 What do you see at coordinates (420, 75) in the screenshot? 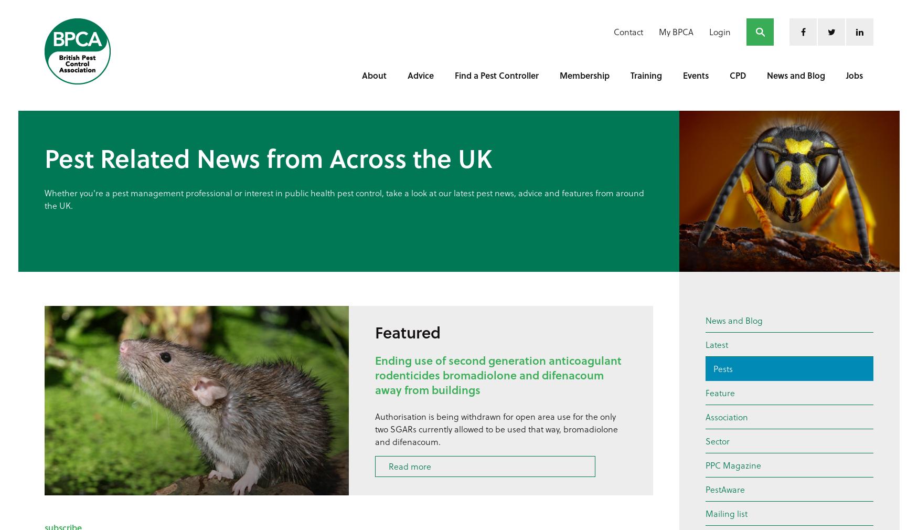
I see `'Advice'` at bounding box center [420, 75].